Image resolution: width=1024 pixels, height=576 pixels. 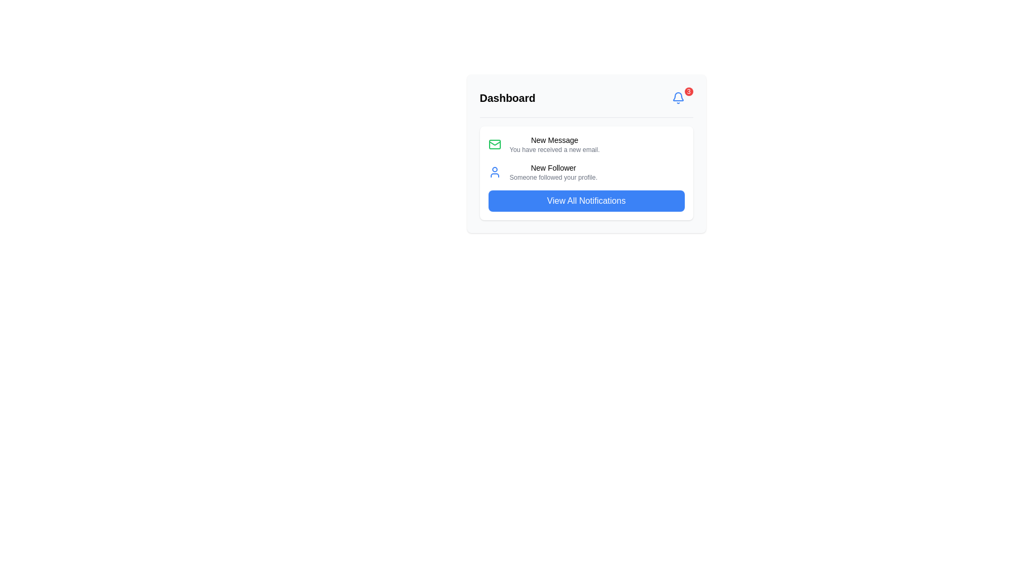 What do you see at coordinates (555, 150) in the screenshot?
I see `the text element stating 'You have received a new email.' which is located in the notification card under the heading 'New Message'` at bounding box center [555, 150].